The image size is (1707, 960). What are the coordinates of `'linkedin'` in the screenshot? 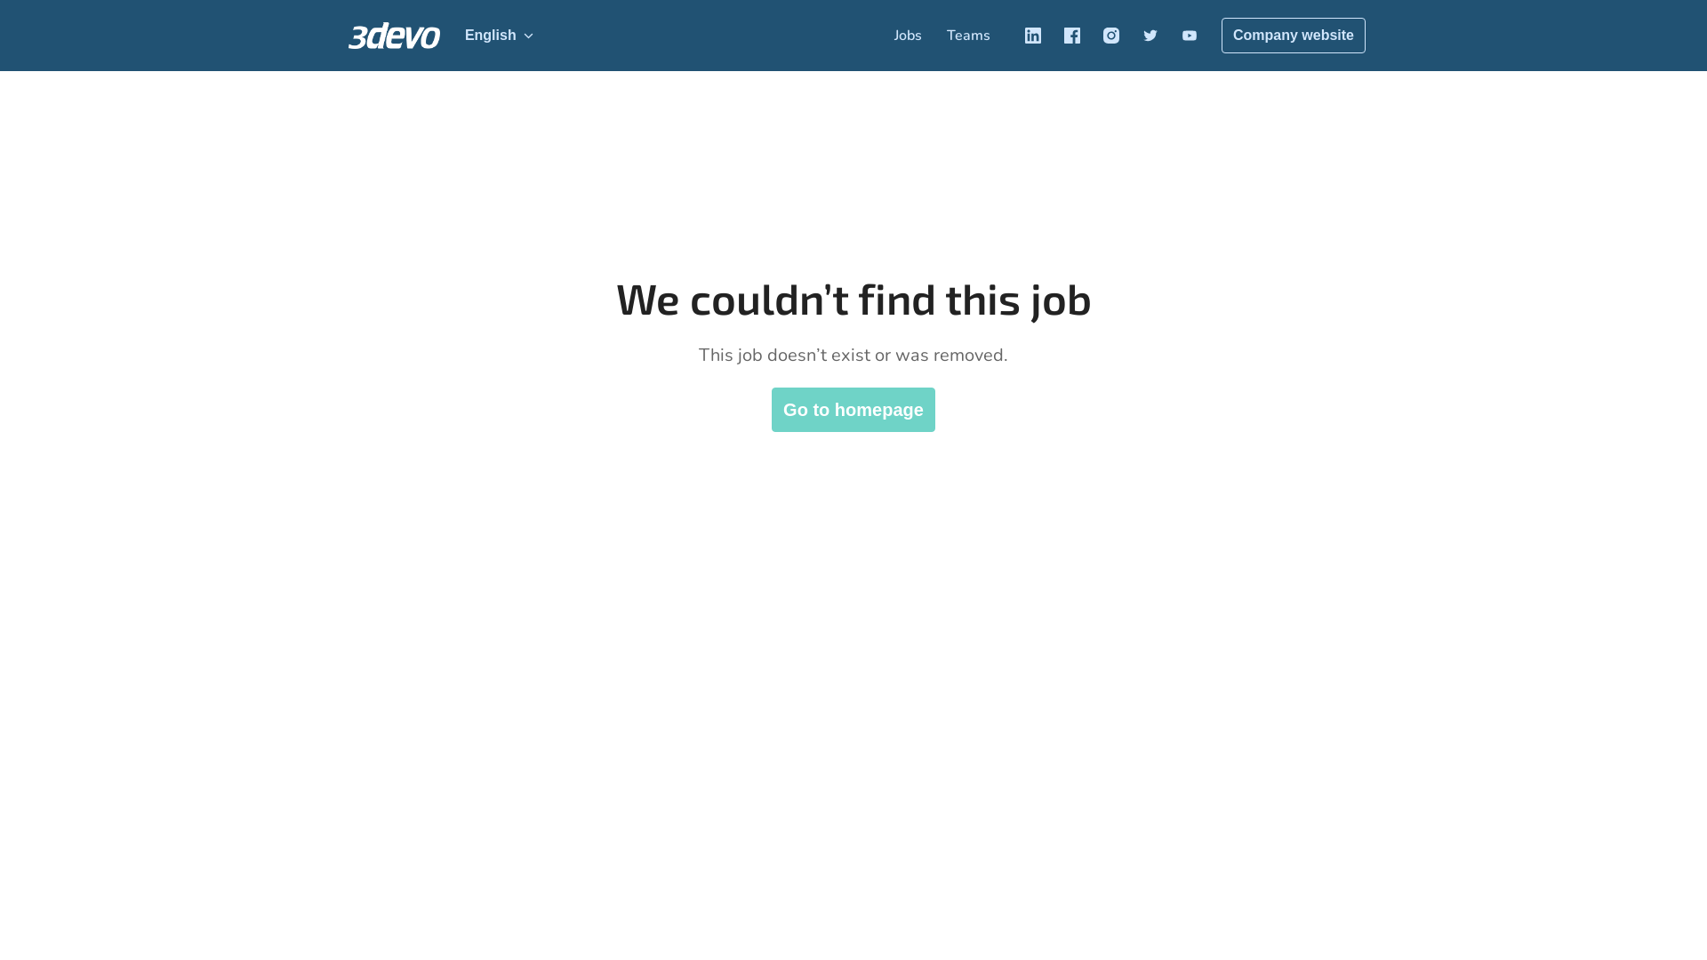 It's located at (1032, 35).